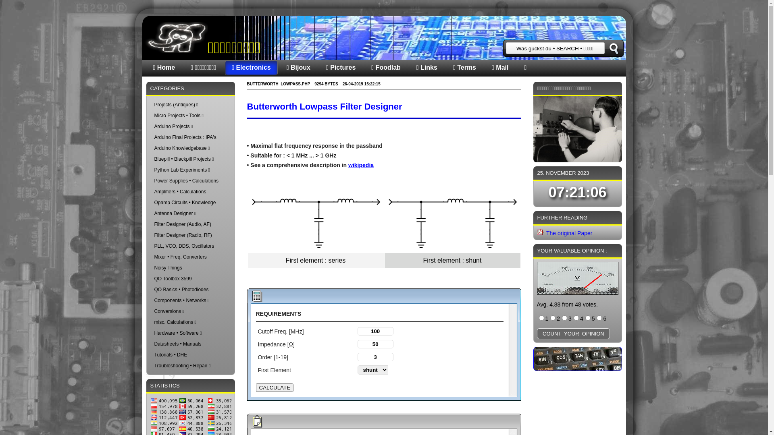  Describe the element at coordinates (167, 267) in the screenshot. I see `'Noisy Things'` at that location.